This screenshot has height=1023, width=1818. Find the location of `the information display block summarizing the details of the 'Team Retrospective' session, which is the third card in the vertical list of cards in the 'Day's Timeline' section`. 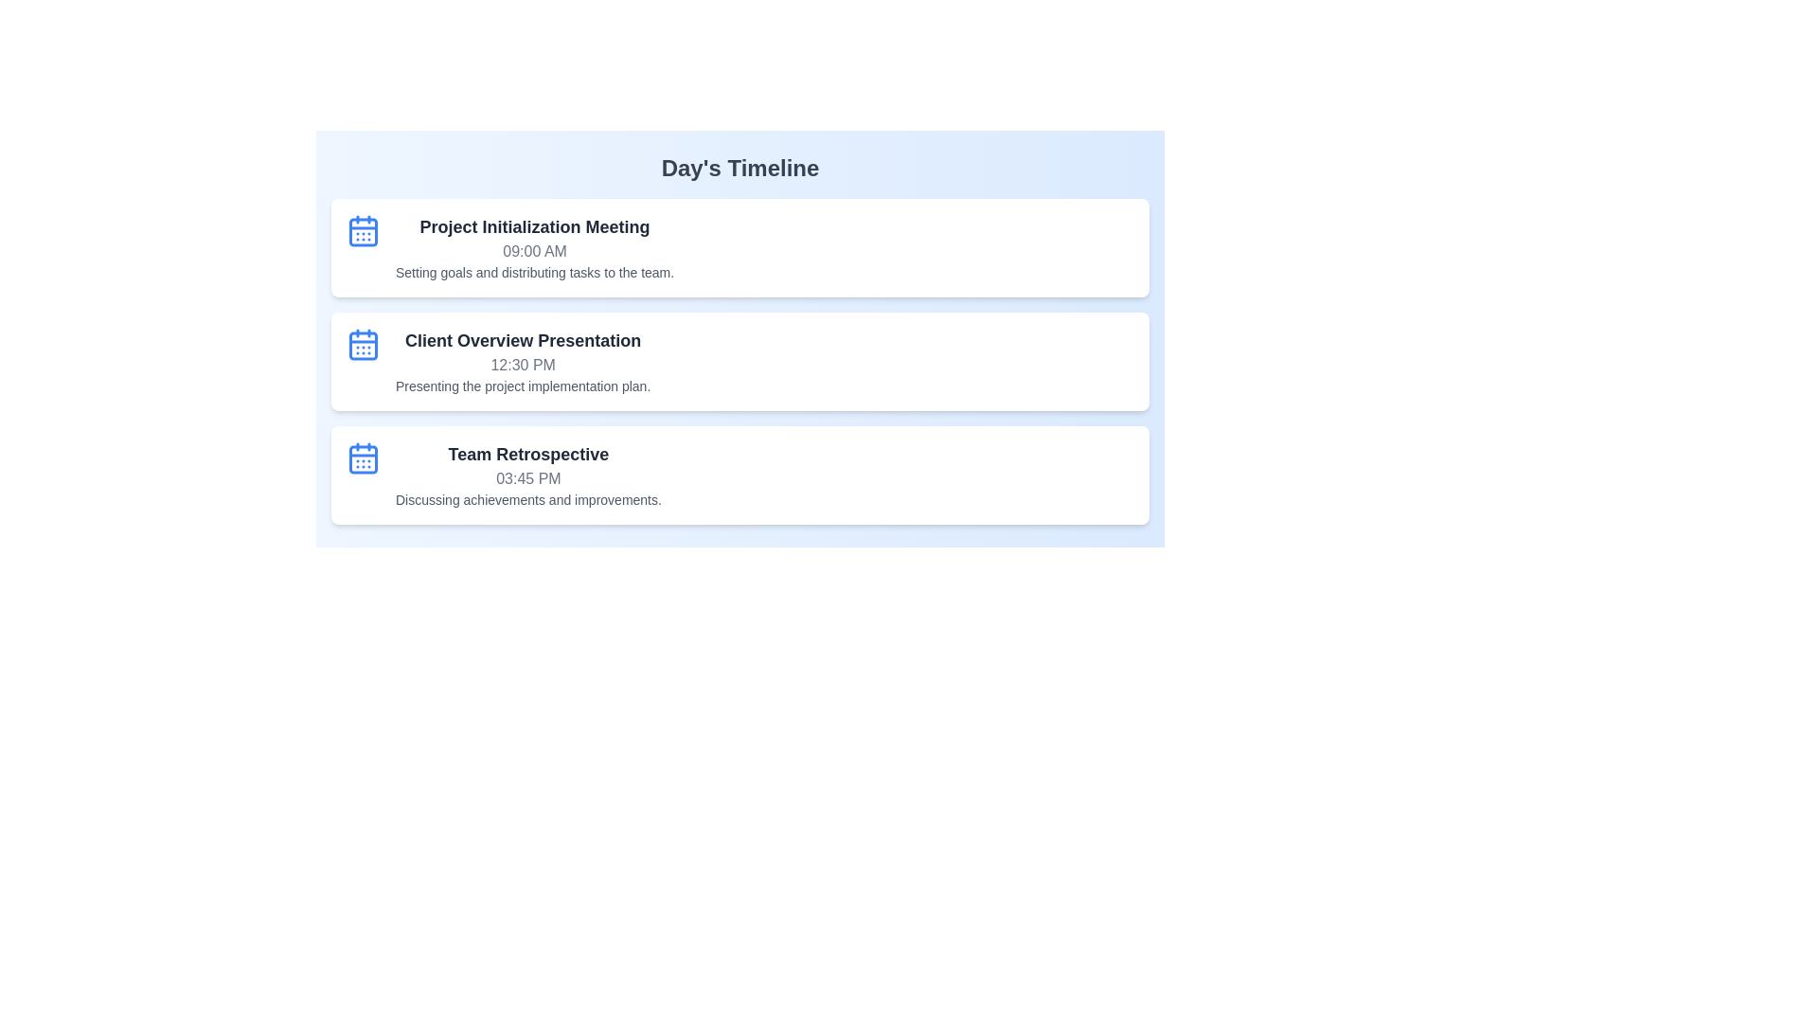

the information display block summarizing the details of the 'Team Retrospective' session, which is the third card in the vertical list of cards in the 'Day's Timeline' section is located at coordinates (528, 474).